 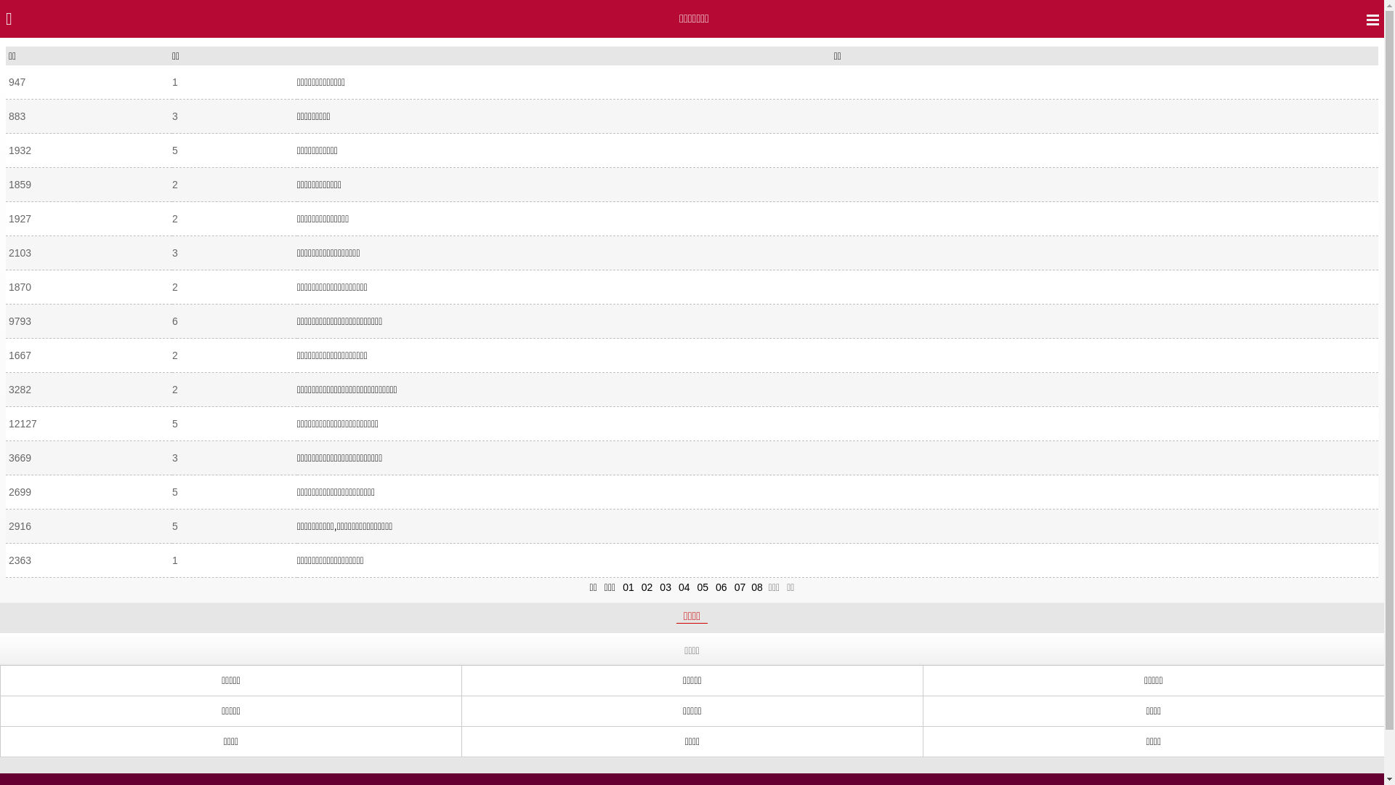 What do you see at coordinates (721, 586) in the screenshot?
I see `'06'` at bounding box center [721, 586].